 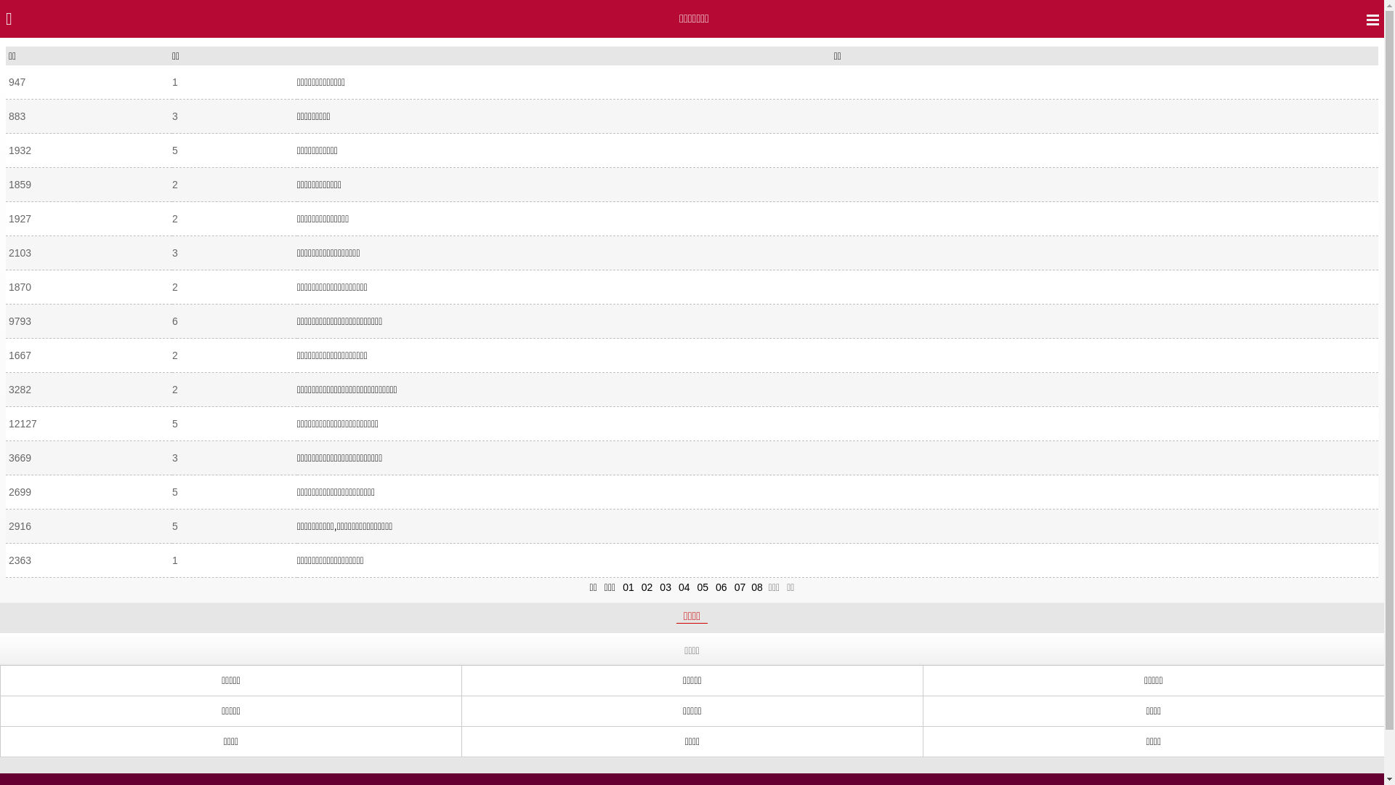 What do you see at coordinates (721, 586) in the screenshot?
I see `'06'` at bounding box center [721, 586].